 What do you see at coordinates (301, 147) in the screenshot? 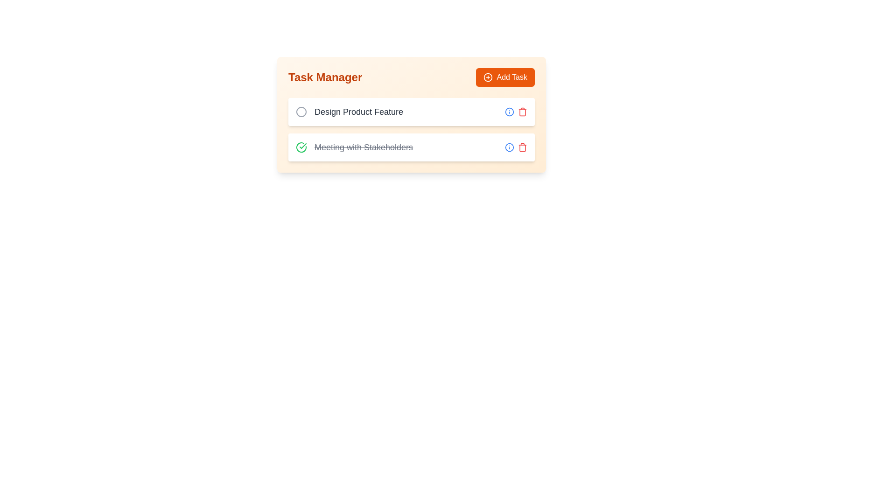
I see `the completion status icon for the 'Meeting with Stakeholders' task` at bounding box center [301, 147].